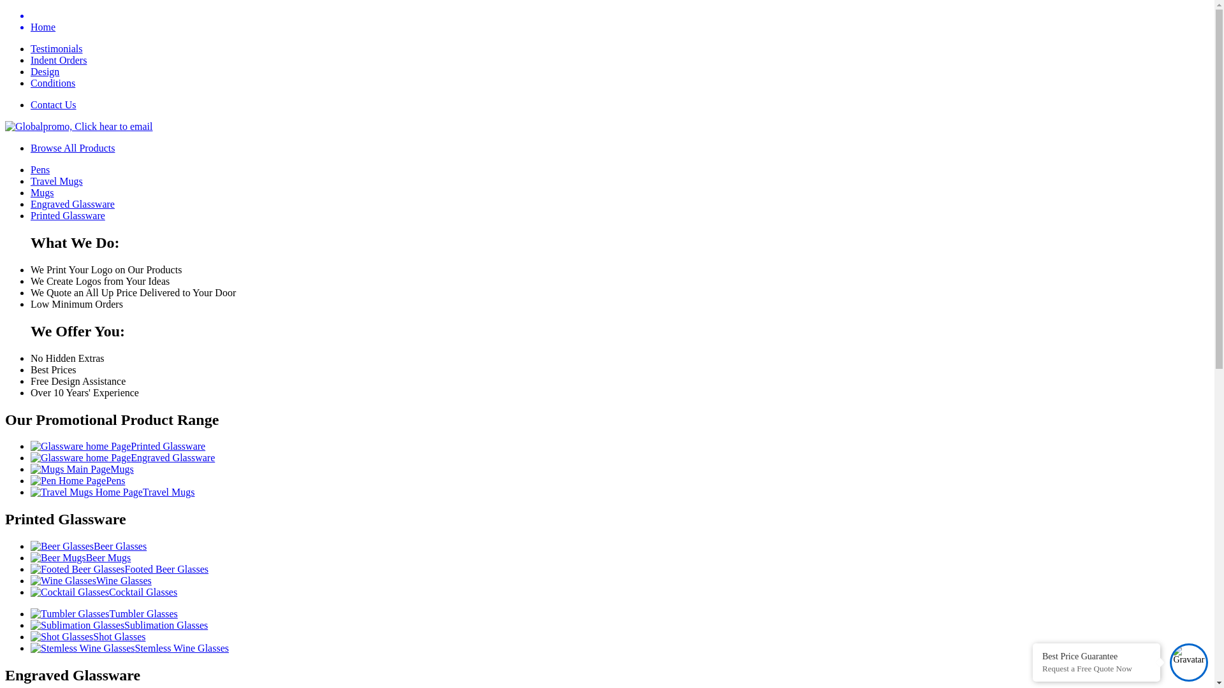 Image resolution: width=1224 pixels, height=688 pixels. I want to click on 'Mugs', so click(82, 469).